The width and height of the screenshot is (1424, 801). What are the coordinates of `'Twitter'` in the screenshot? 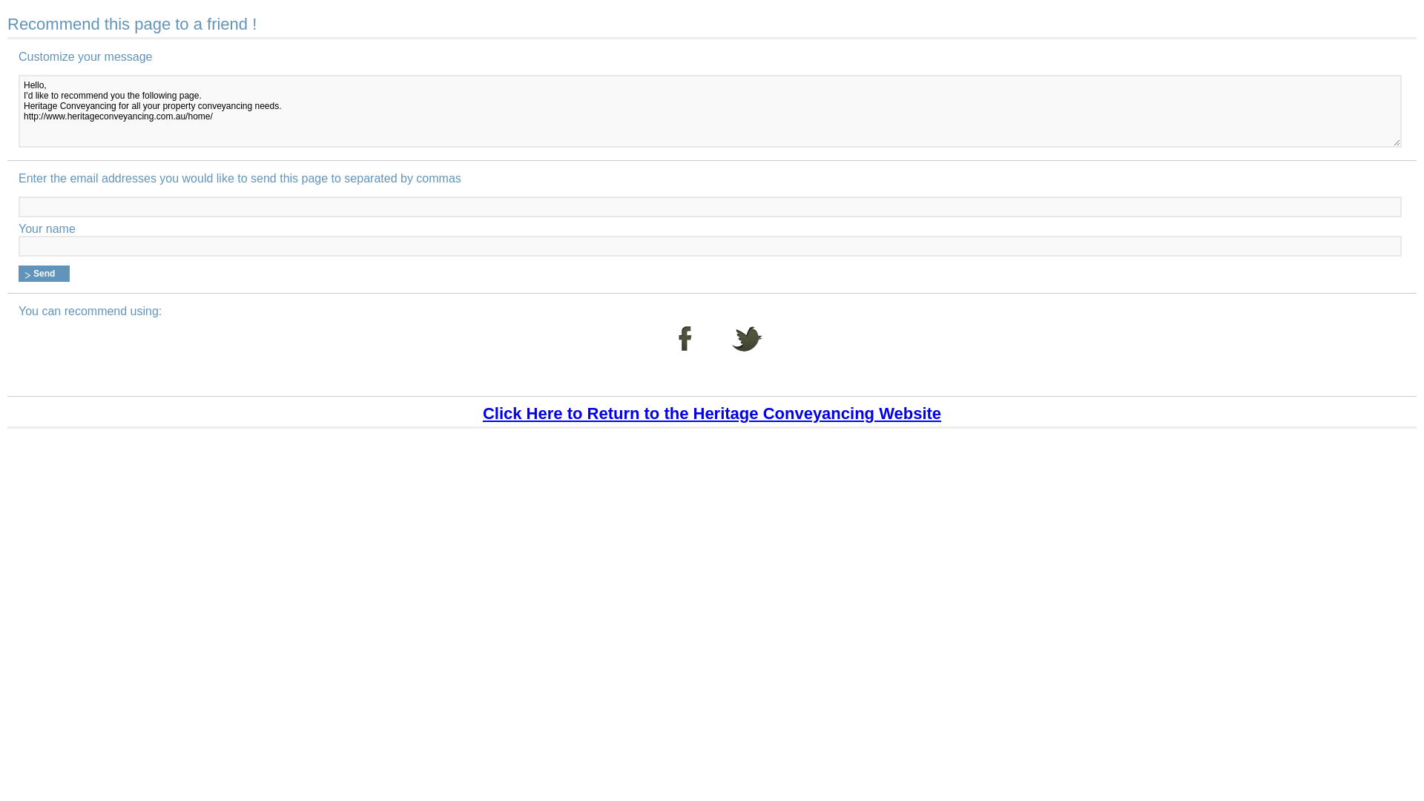 It's located at (747, 349).